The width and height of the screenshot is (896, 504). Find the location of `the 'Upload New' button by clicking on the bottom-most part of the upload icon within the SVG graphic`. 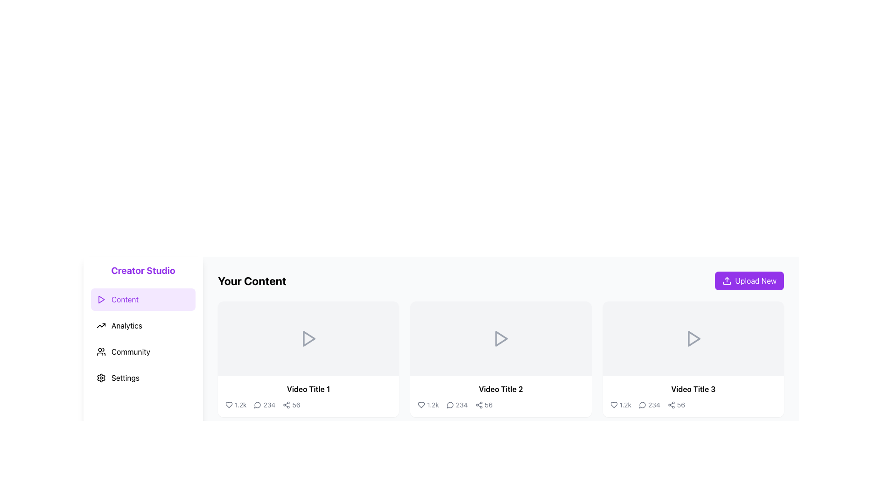

the 'Upload New' button by clicking on the bottom-most part of the upload icon within the SVG graphic is located at coordinates (726, 282).